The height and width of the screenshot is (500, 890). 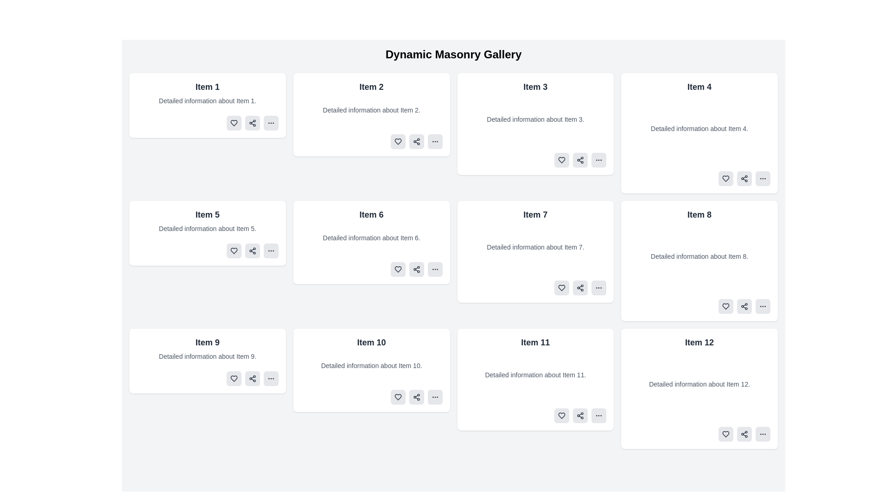 What do you see at coordinates (725, 434) in the screenshot?
I see `the heart-shaped icon located in the bottom-right corner of the 'Item 12' card to like or favorite the item` at bounding box center [725, 434].